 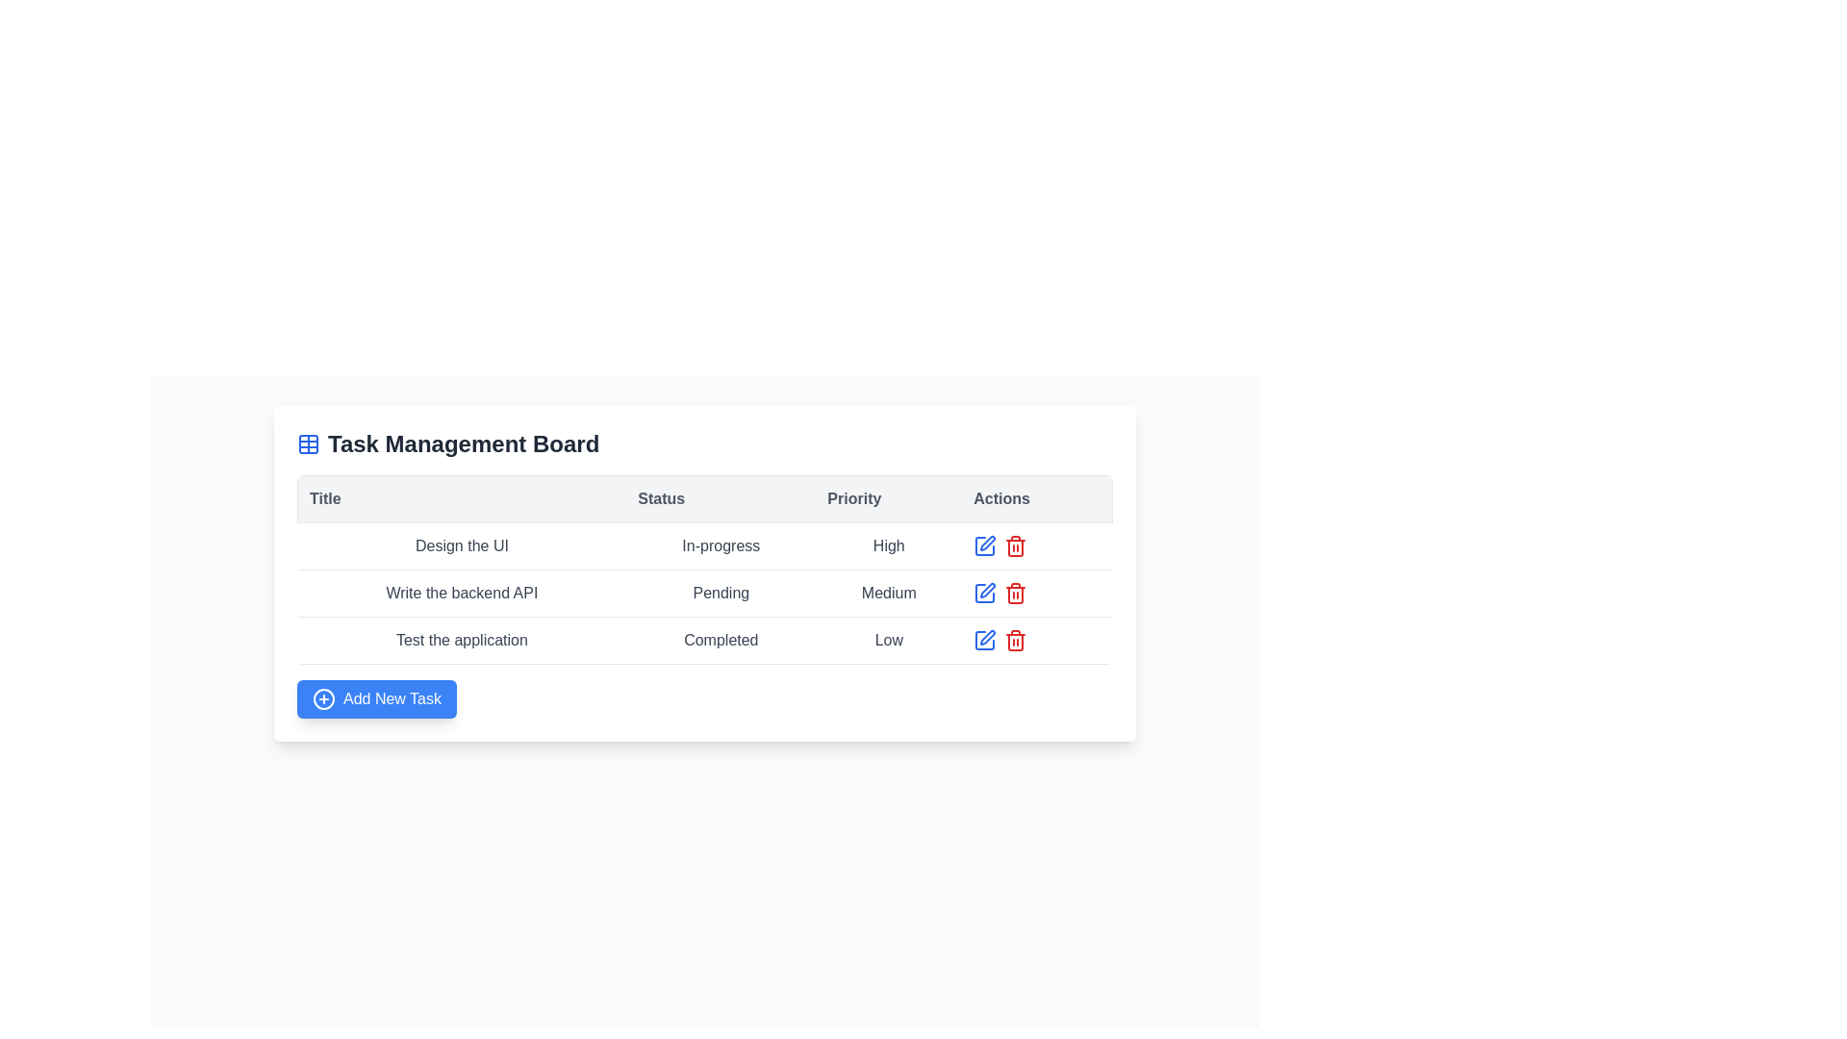 What do you see at coordinates (720, 545) in the screenshot?
I see `the static text label indicating the current status of the task 'Design the UI' located in the 'Status' column of the task management board` at bounding box center [720, 545].